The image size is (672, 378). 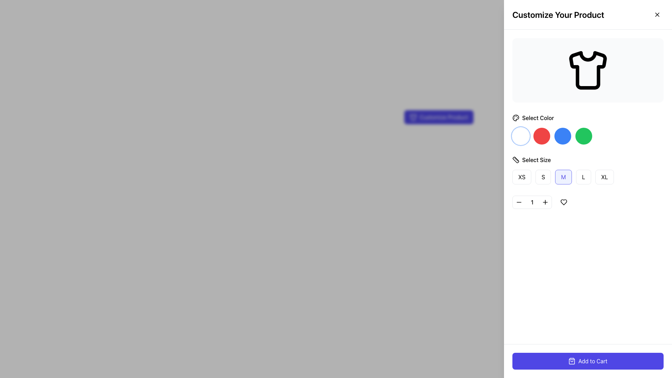 I want to click on the small button with a black plus icon and activate it by pressing Enter, so click(x=545, y=202).